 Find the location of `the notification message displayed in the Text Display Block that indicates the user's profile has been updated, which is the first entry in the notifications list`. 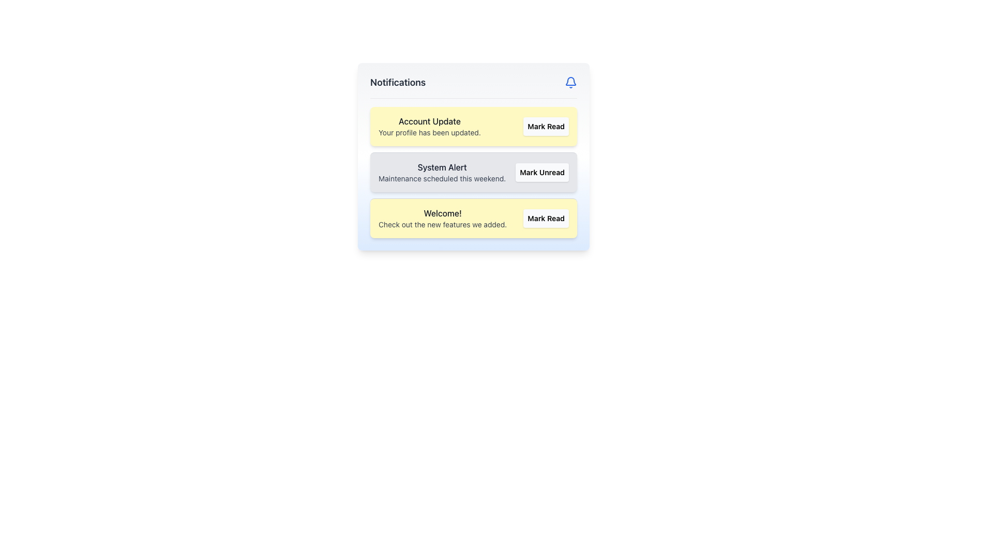

the notification message displayed in the Text Display Block that indicates the user's profile has been updated, which is the first entry in the notifications list is located at coordinates (429, 126).